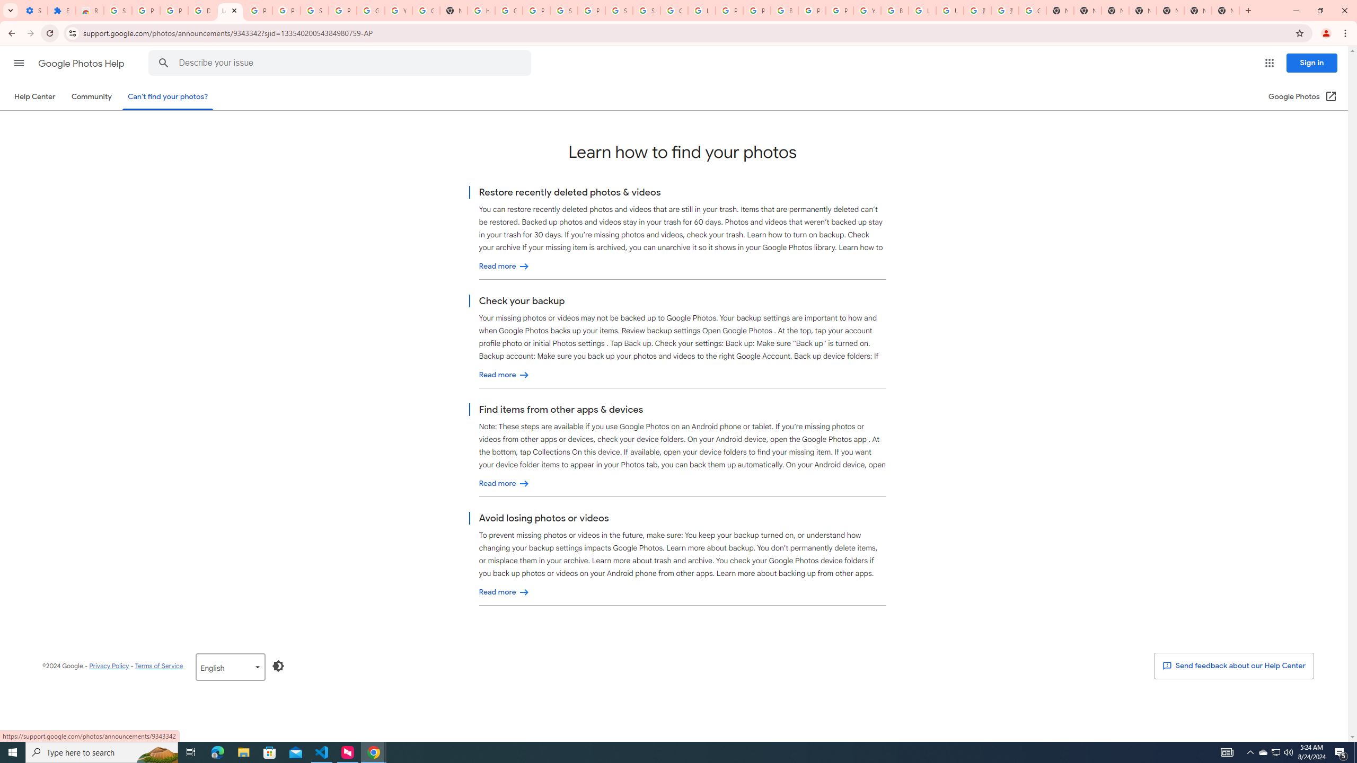 The image size is (1357, 763). What do you see at coordinates (729, 10) in the screenshot?
I see `'Privacy Help Center - Policies Help'` at bounding box center [729, 10].